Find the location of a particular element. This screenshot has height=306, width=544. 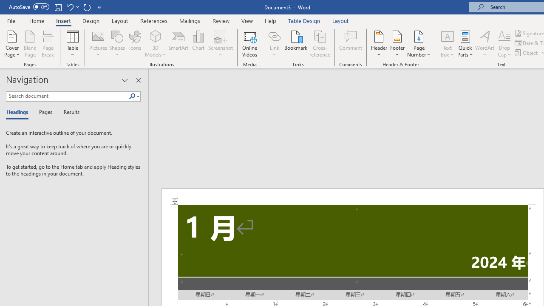

'Blank Page' is located at coordinates (30, 44).